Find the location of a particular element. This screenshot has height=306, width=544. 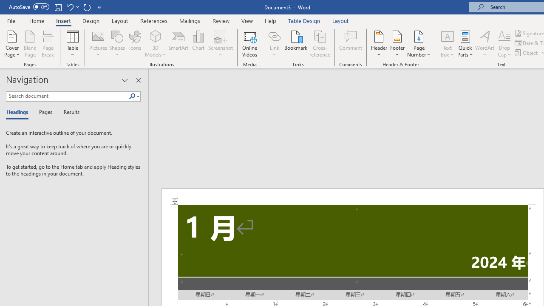

'Blank Page' is located at coordinates (30, 44).